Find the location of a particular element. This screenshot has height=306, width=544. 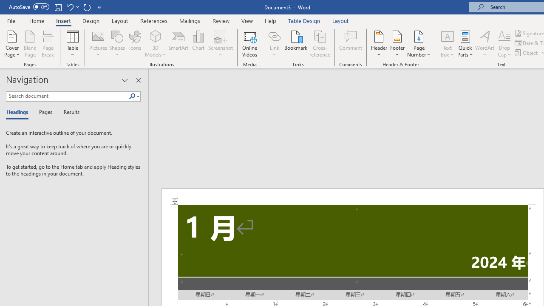

'Blank Page' is located at coordinates (30, 44).